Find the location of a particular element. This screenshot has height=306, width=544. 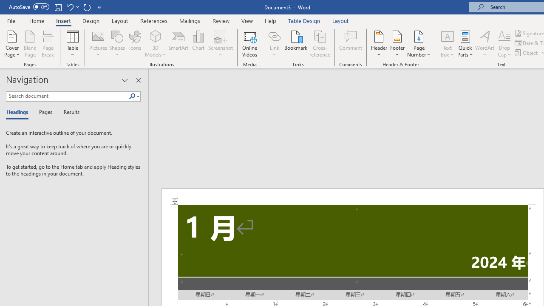

'Blank Page' is located at coordinates (30, 44).